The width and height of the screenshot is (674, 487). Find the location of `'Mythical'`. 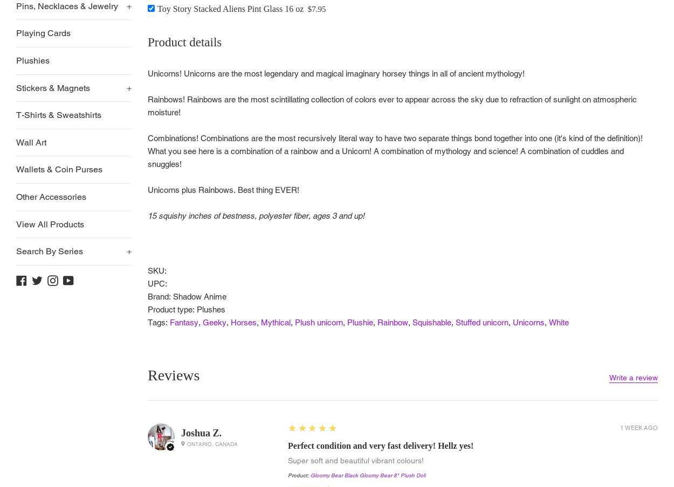

'Mythical' is located at coordinates (276, 322).